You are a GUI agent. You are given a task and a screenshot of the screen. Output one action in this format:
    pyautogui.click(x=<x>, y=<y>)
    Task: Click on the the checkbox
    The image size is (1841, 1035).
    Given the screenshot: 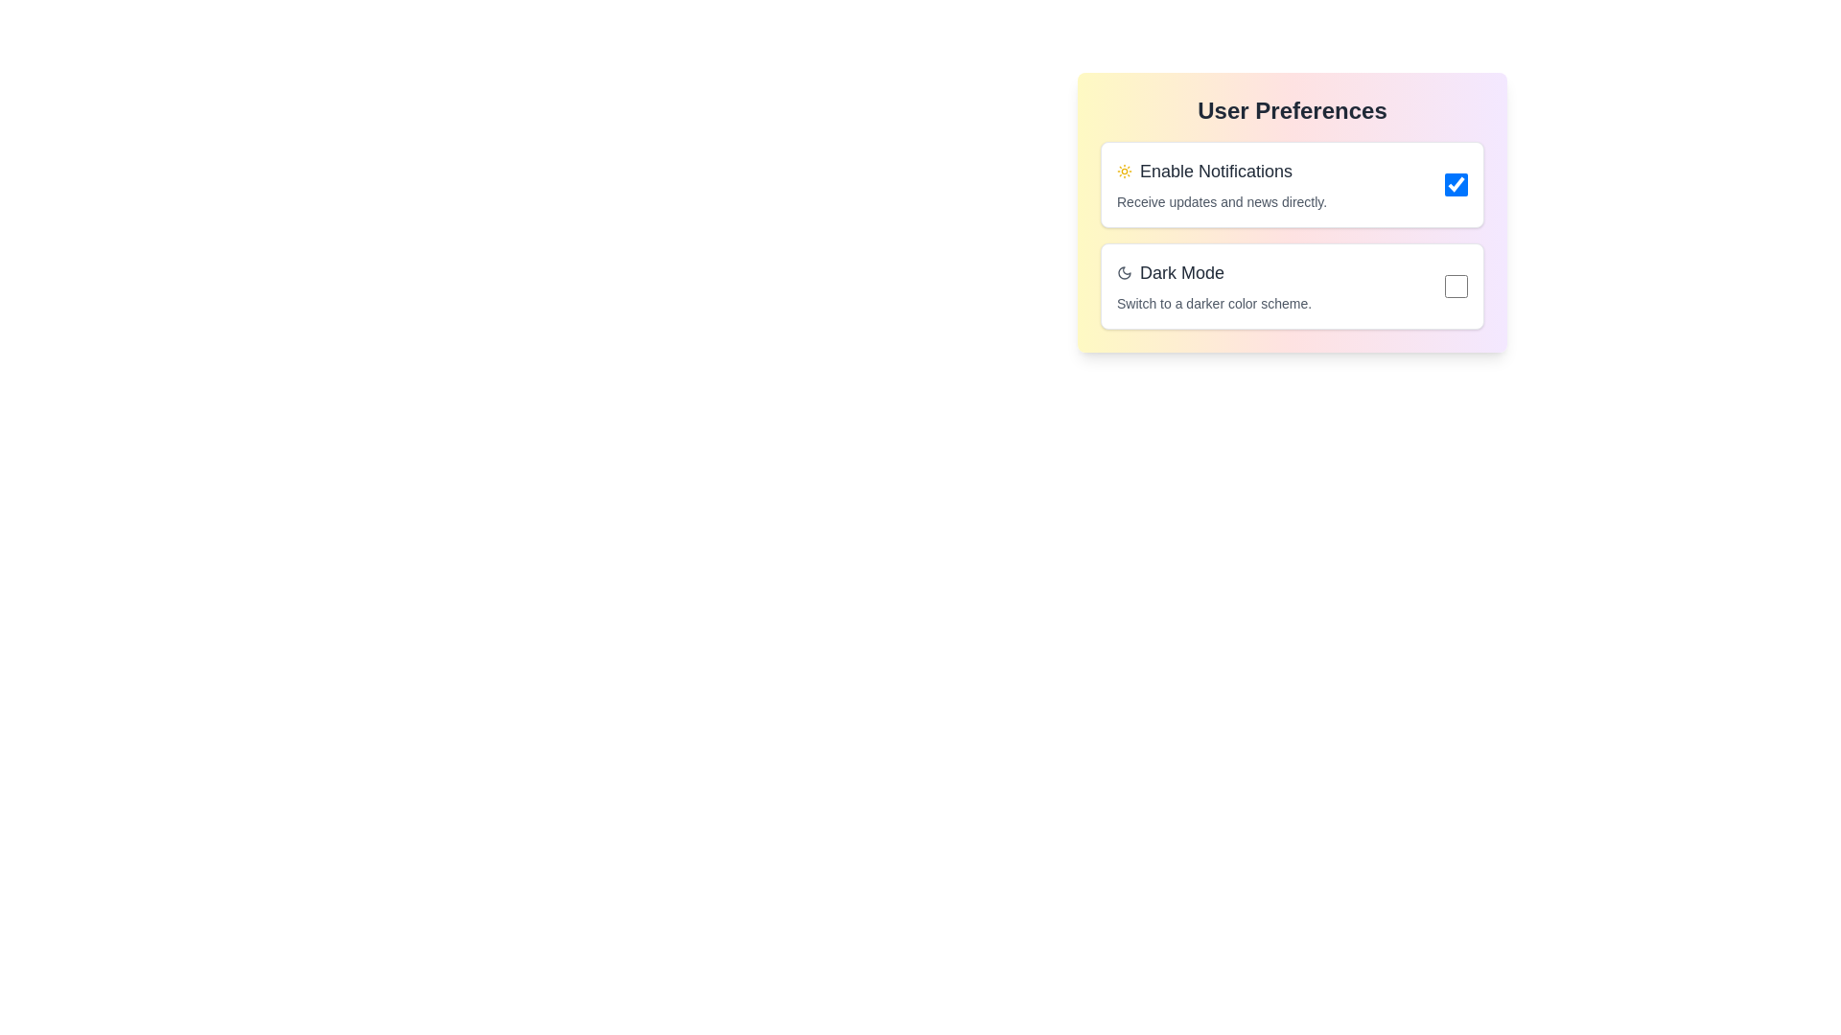 What is the action you would take?
    pyautogui.click(x=1456, y=287)
    